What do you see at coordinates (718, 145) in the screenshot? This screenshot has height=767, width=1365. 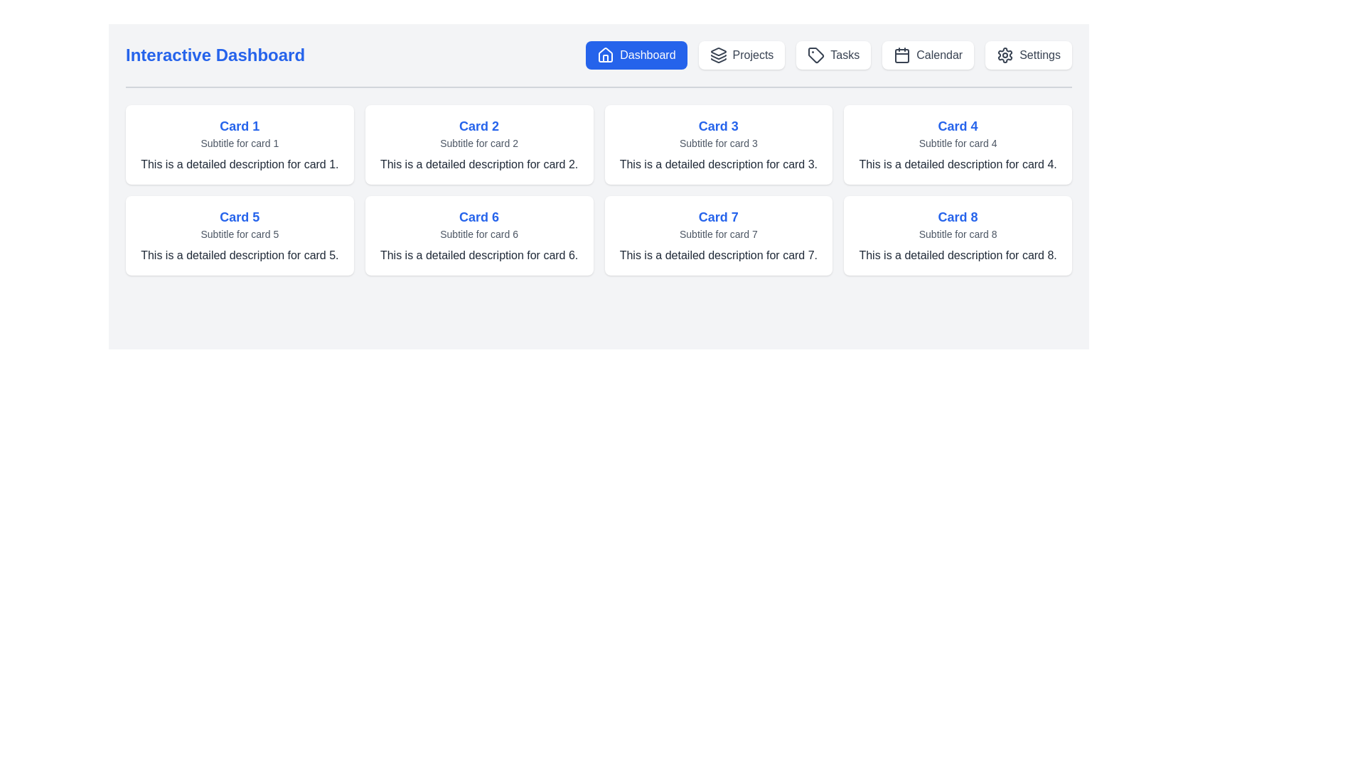 I see `the Card component located in the first row and third column of the grid, which has a white background and contains a title in bold blue` at bounding box center [718, 145].